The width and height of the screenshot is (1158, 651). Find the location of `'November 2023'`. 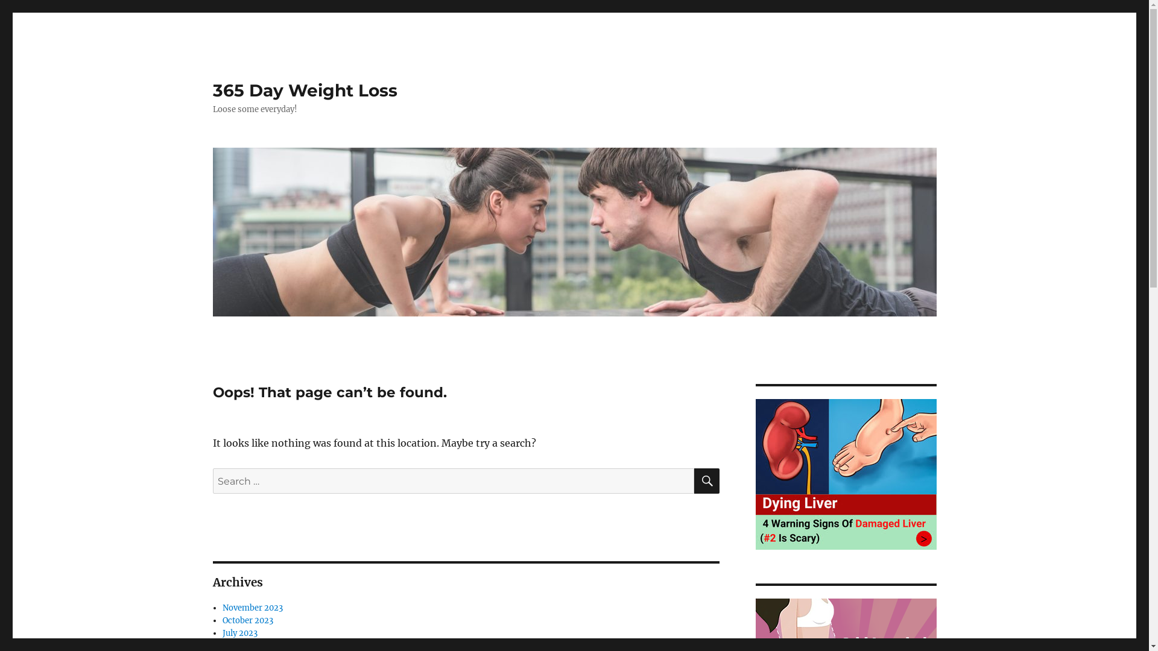

'November 2023' is located at coordinates (252, 608).